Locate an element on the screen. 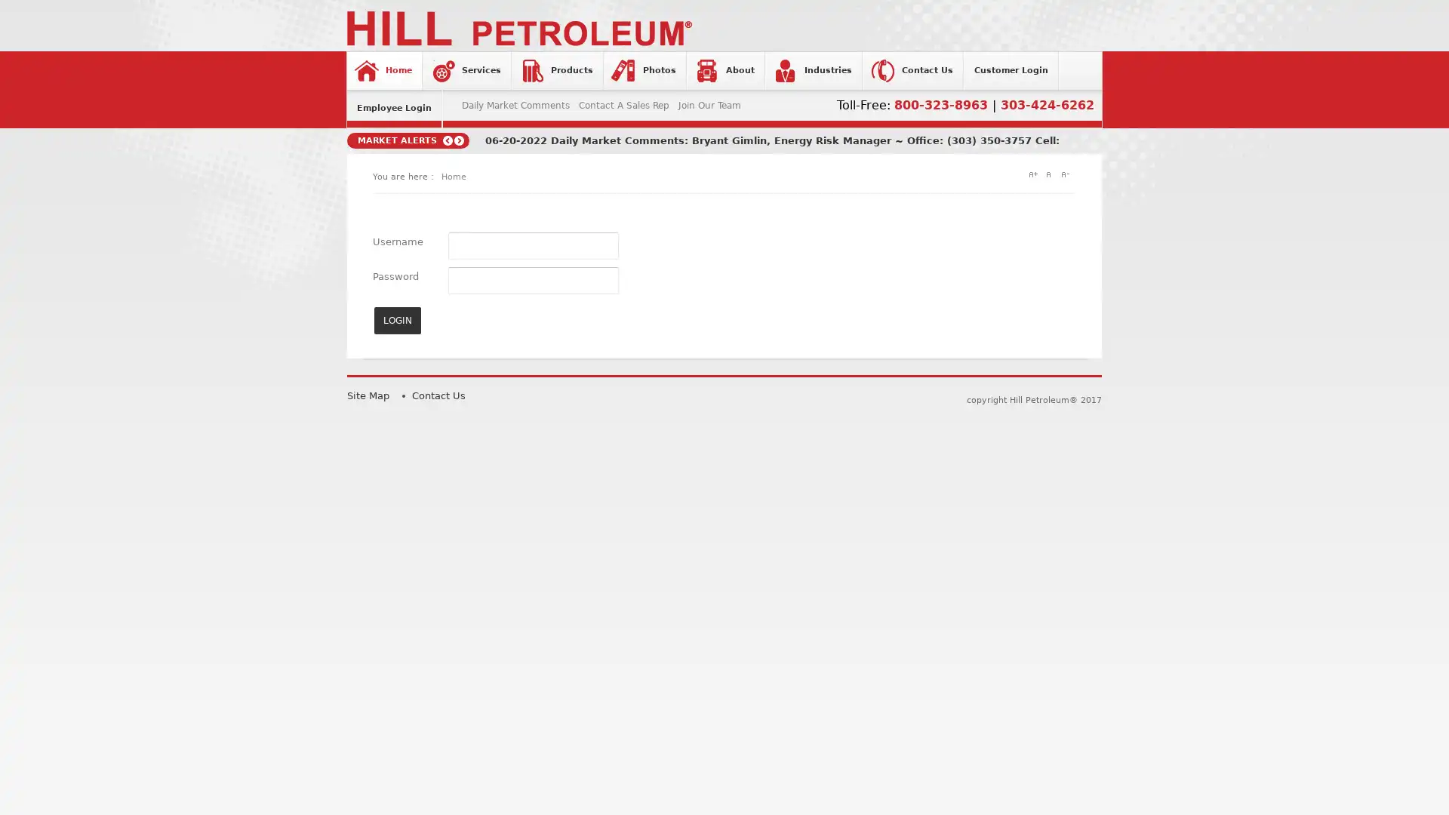 The height and width of the screenshot is (815, 1449). LOGIN is located at coordinates (398, 319).